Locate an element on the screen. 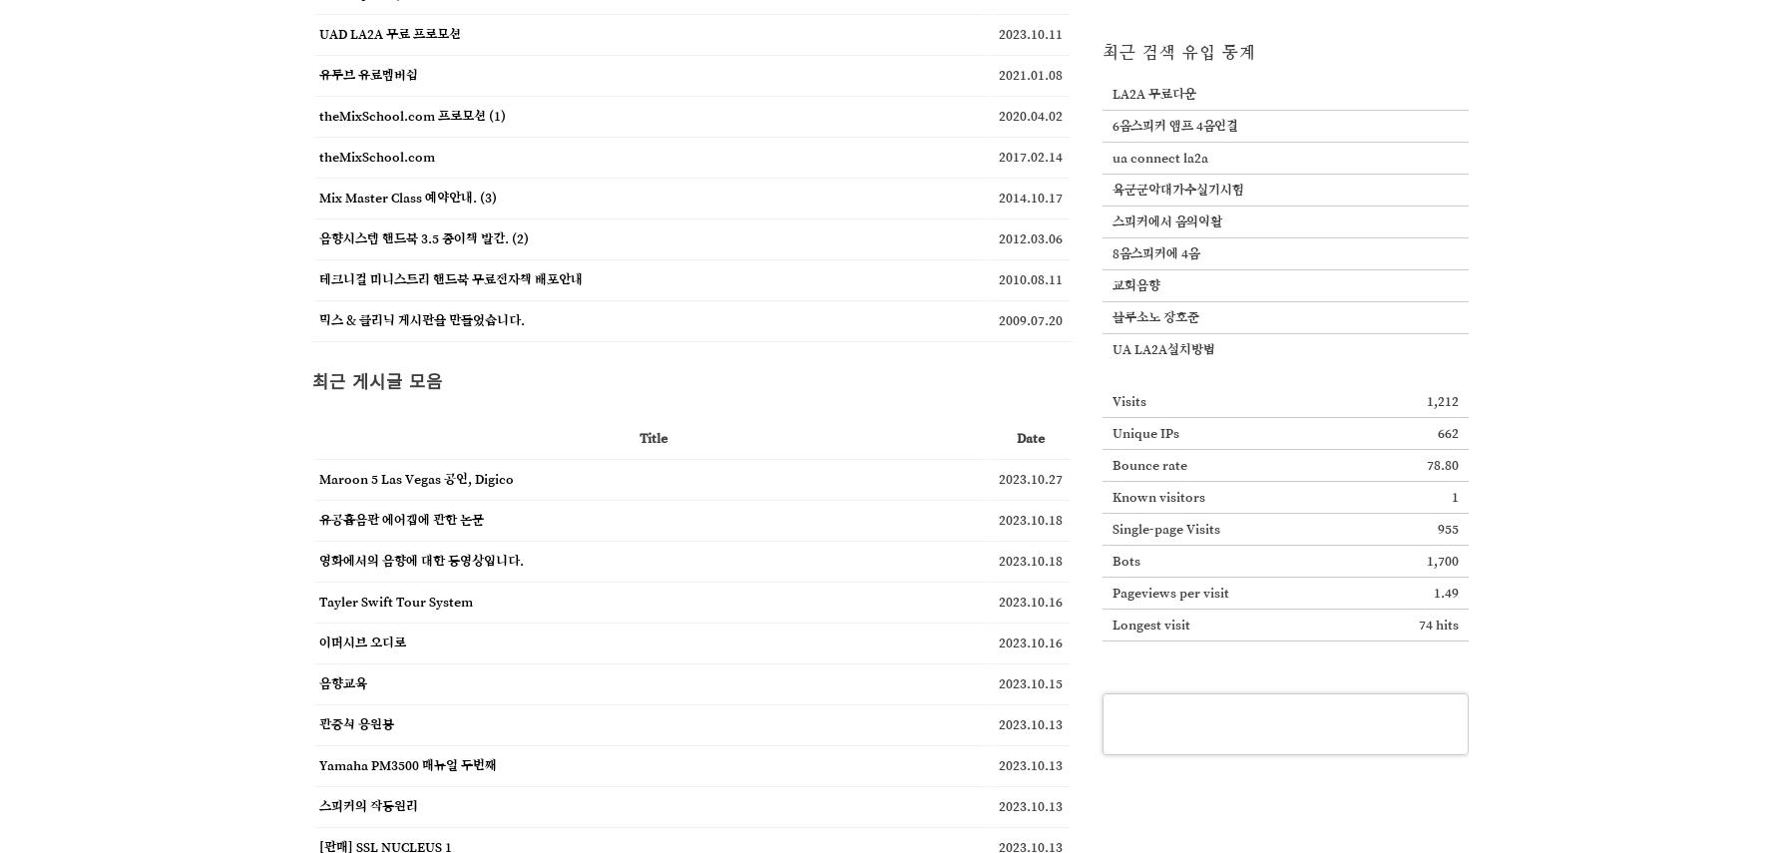 The image size is (1781, 853). 'Maroon 5 Las Vegas 공연, Digico' is located at coordinates (414, 477).